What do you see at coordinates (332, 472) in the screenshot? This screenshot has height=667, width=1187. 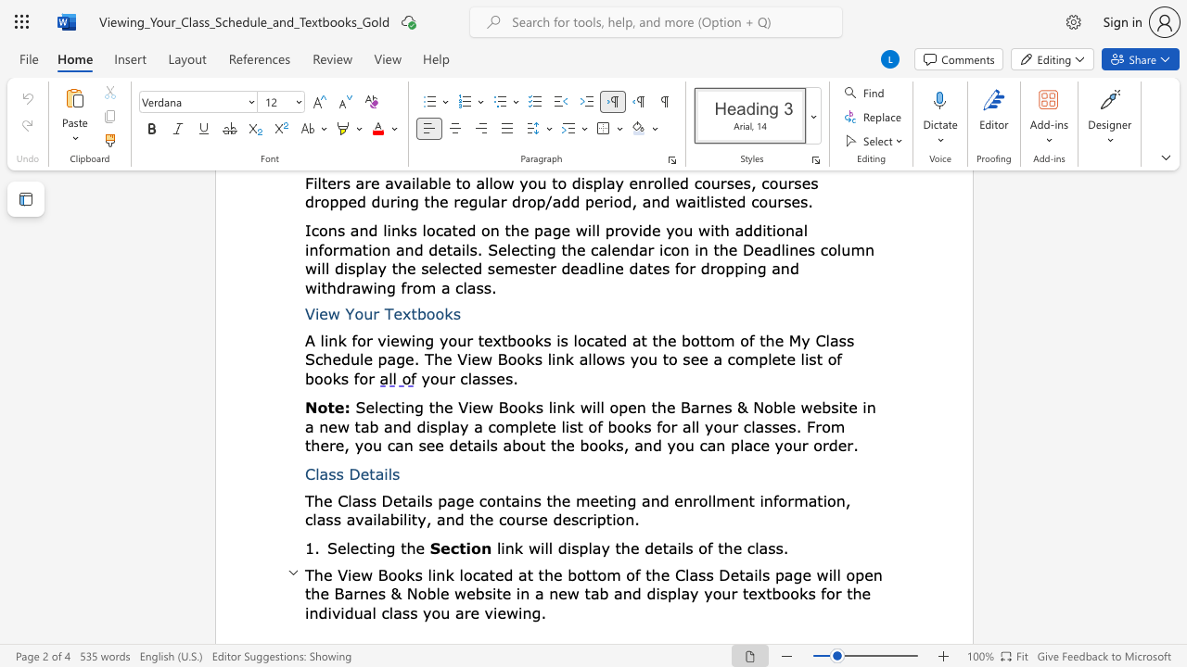 I see `the 1th character "s" in the text` at bounding box center [332, 472].